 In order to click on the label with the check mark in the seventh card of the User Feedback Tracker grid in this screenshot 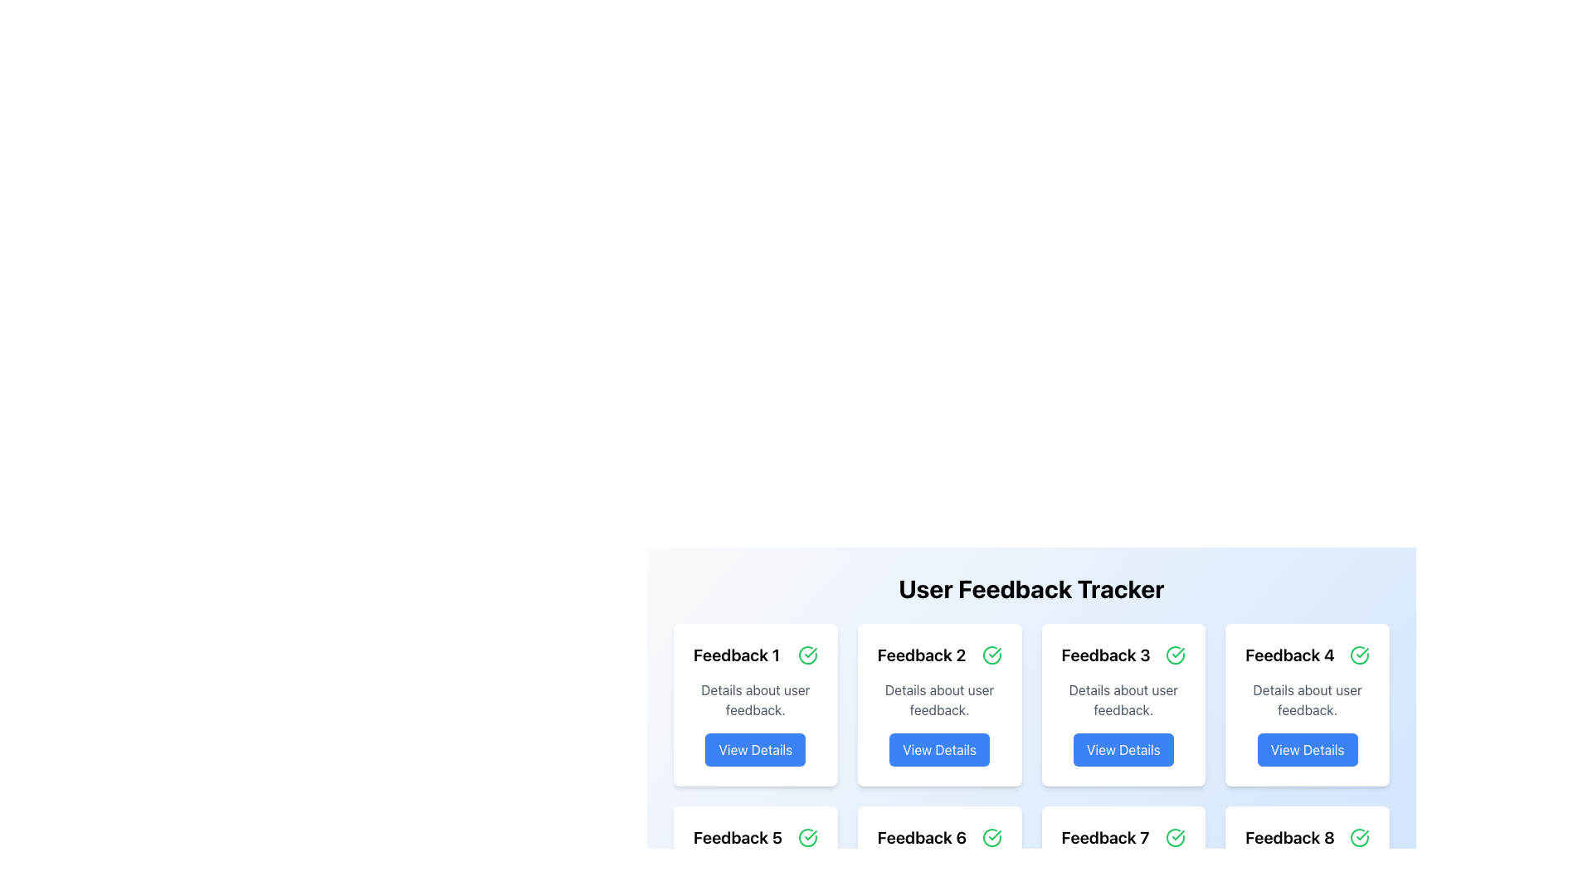, I will do `click(1123, 838)`.